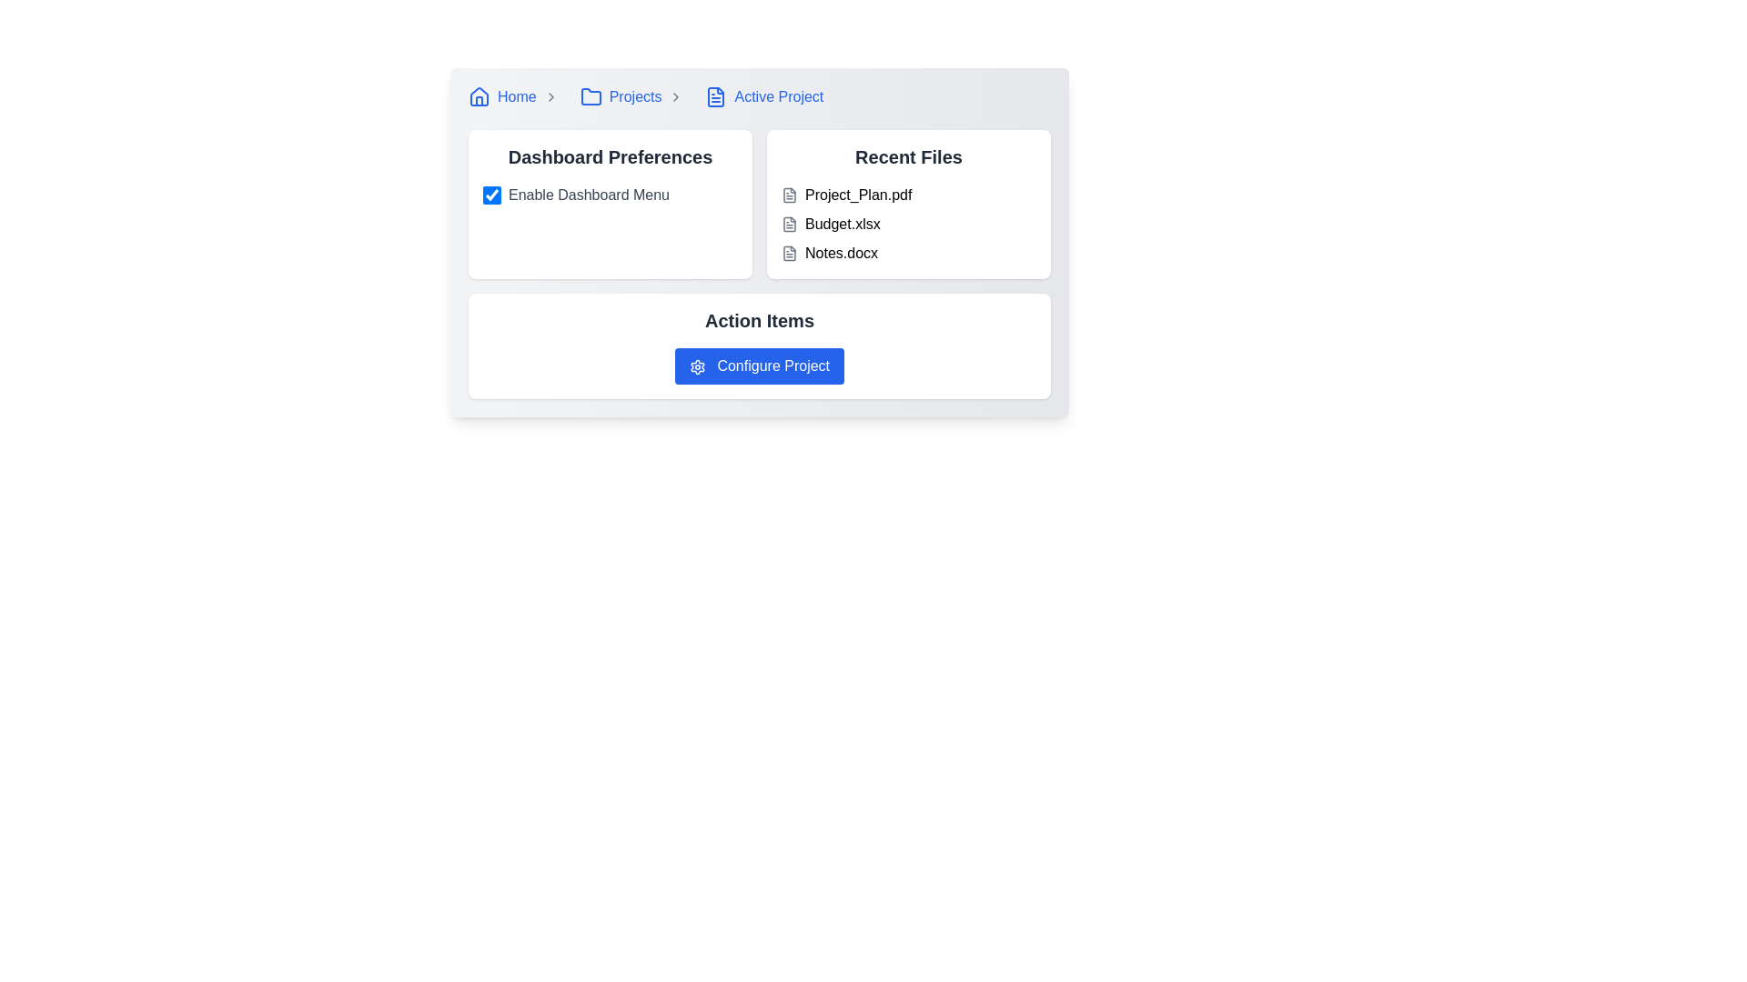 The width and height of the screenshot is (1747, 982). Describe the element at coordinates (760, 366) in the screenshot. I see `the configuration settings button located at the bottom center of the interface within the 'Action Items' section` at that location.